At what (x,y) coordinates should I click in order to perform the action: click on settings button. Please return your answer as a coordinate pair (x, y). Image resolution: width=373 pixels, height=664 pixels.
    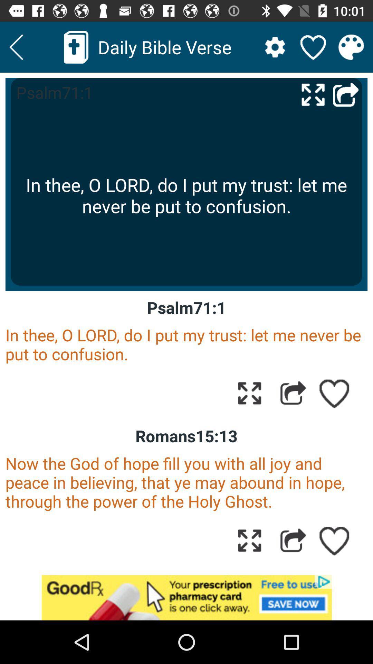
    Looking at the image, I should click on (275, 47).